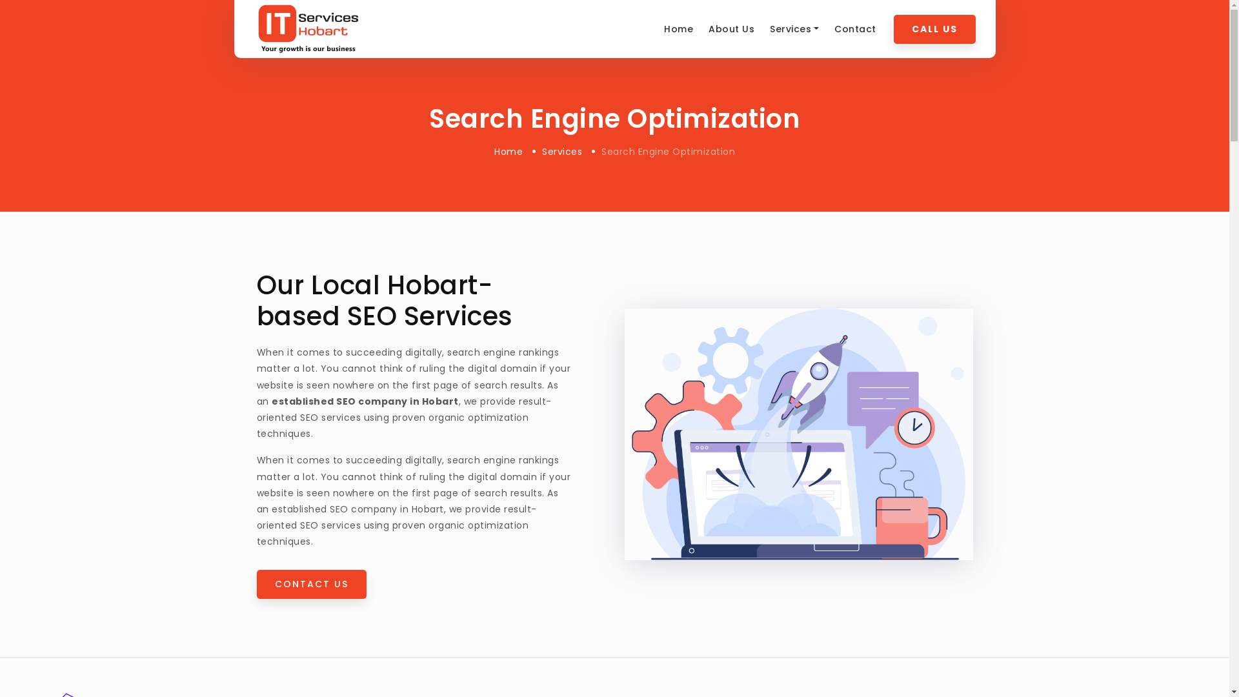 The image size is (1239, 697). Describe the element at coordinates (507, 151) in the screenshot. I see `'Home'` at that location.